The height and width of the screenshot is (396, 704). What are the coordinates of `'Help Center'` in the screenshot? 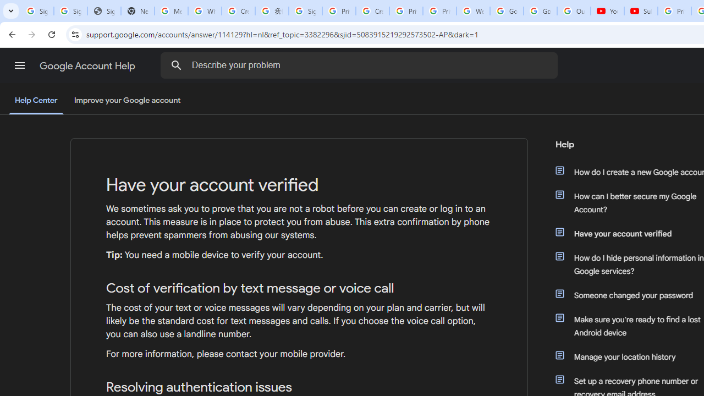 It's located at (36, 101).